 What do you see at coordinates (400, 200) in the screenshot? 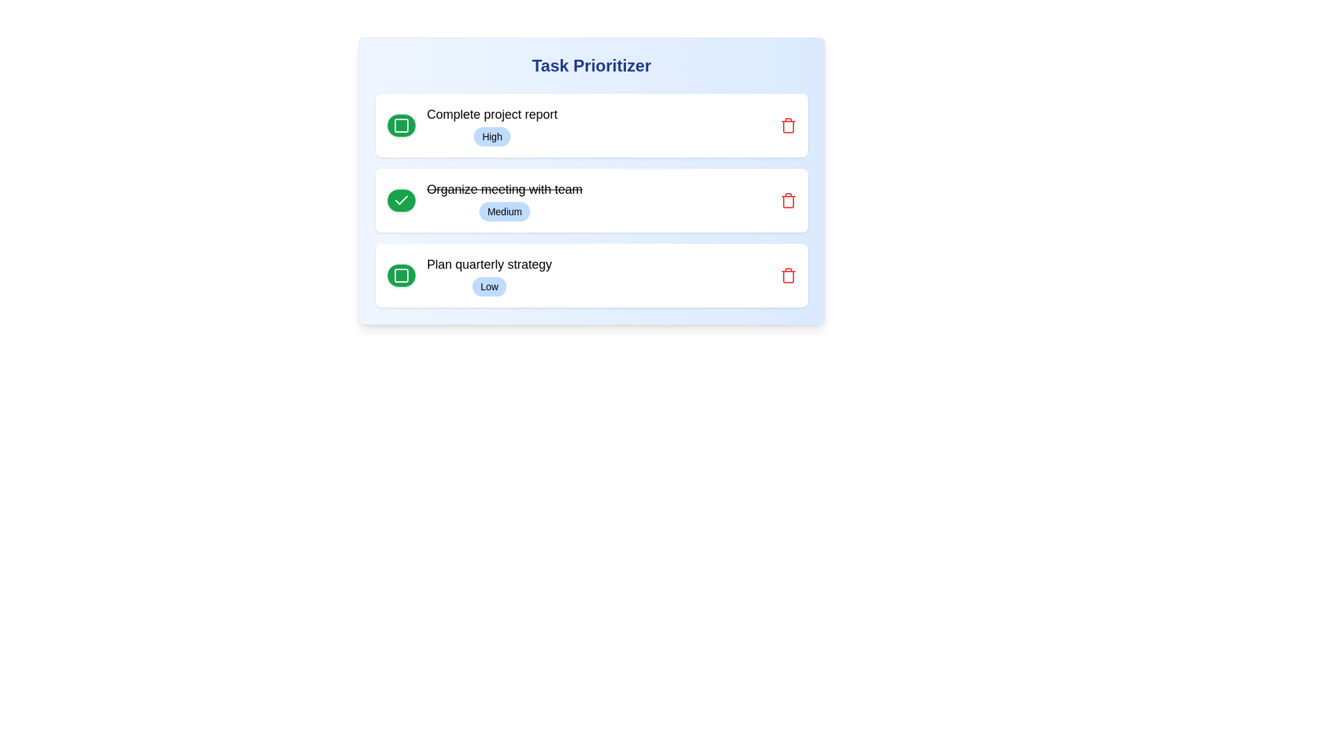
I see `the second checkmark icon in the task manager interface, which is adjacent to the text 'Organize meeting with team' and has a green circular background` at bounding box center [400, 200].